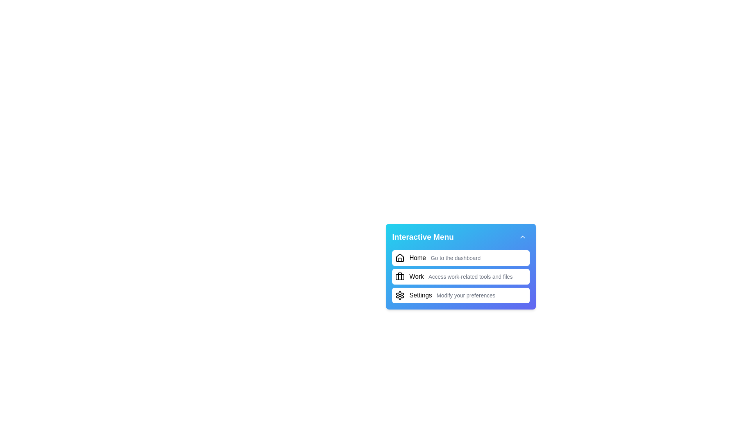 This screenshot has height=421, width=750. What do you see at coordinates (523, 237) in the screenshot?
I see `the button with an upward chevron icon located in the top-right corner of the interactive menu to minimize the menu` at bounding box center [523, 237].